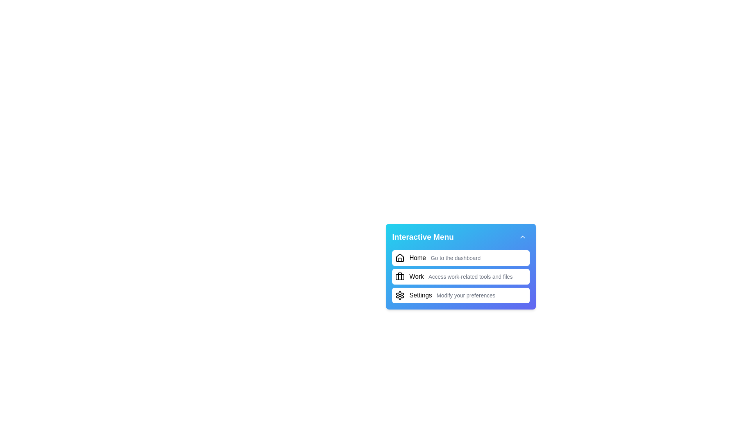 This screenshot has height=421, width=750. What do you see at coordinates (523, 237) in the screenshot?
I see `the button with an upward chevron icon located in the top-right corner of the interactive menu to minimize the menu` at bounding box center [523, 237].